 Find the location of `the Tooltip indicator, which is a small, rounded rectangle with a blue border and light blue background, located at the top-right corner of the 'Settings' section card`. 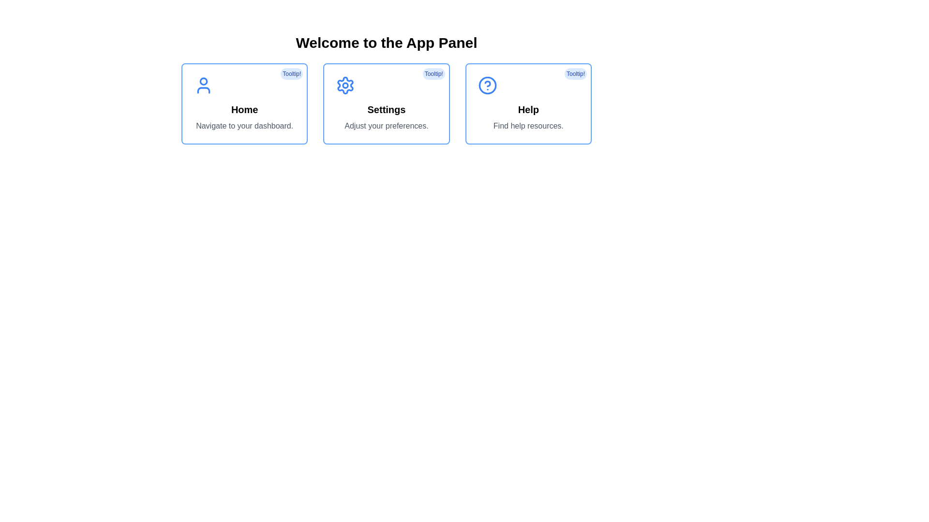

the Tooltip indicator, which is a small, rounded rectangle with a blue border and light blue background, located at the top-right corner of the 'Settings' section card is located at coordinates (433, 73).